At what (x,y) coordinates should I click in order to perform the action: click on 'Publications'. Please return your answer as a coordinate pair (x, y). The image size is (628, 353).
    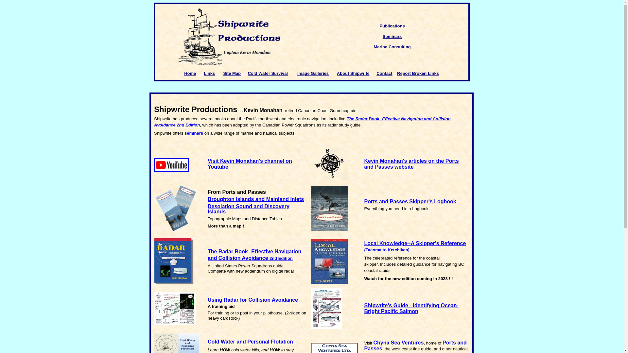
    Looking at the image, I should click on (392, 25).